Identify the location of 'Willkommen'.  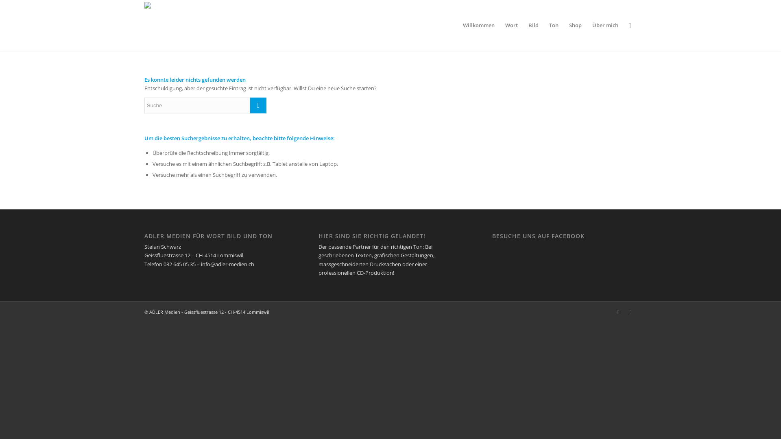
(478, 25).